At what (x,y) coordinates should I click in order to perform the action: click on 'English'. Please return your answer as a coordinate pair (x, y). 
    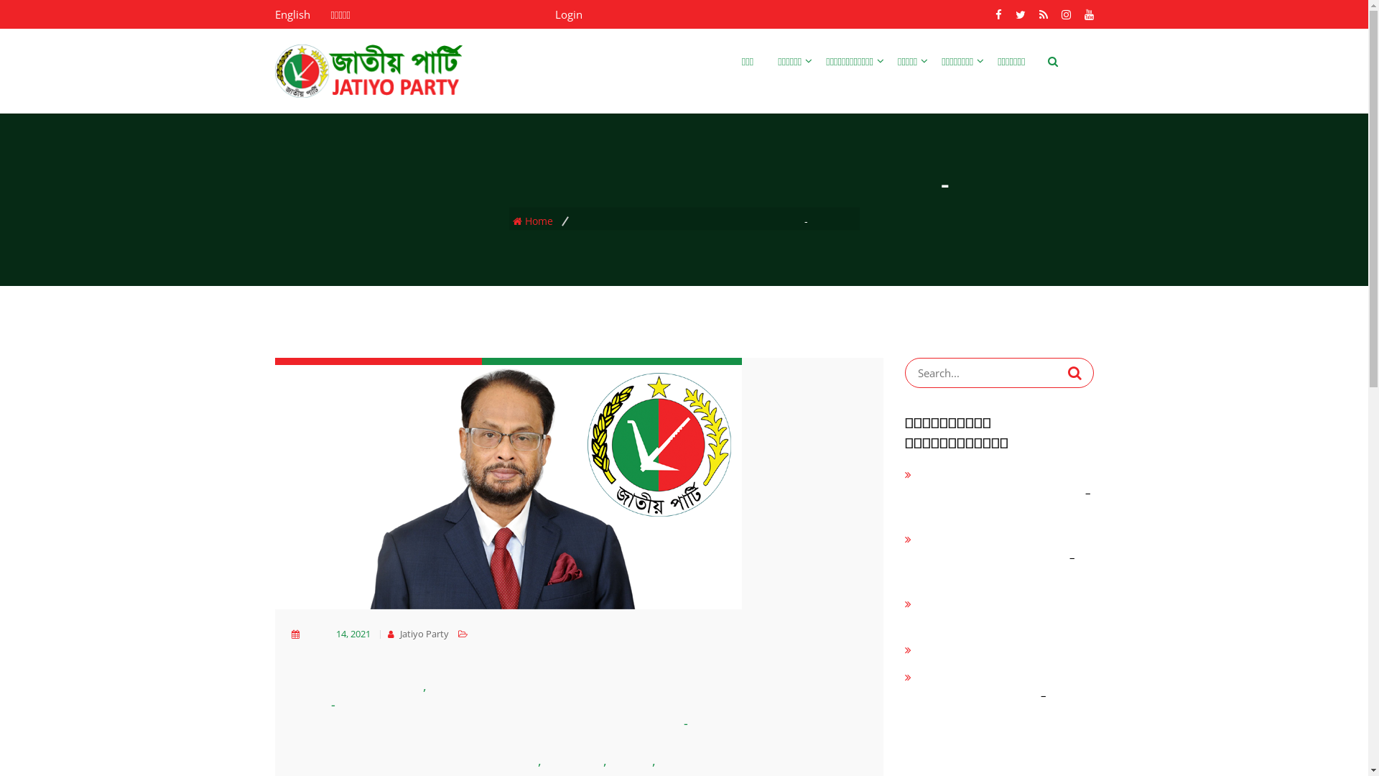
    Looking at the image, I should click on (274, 14).